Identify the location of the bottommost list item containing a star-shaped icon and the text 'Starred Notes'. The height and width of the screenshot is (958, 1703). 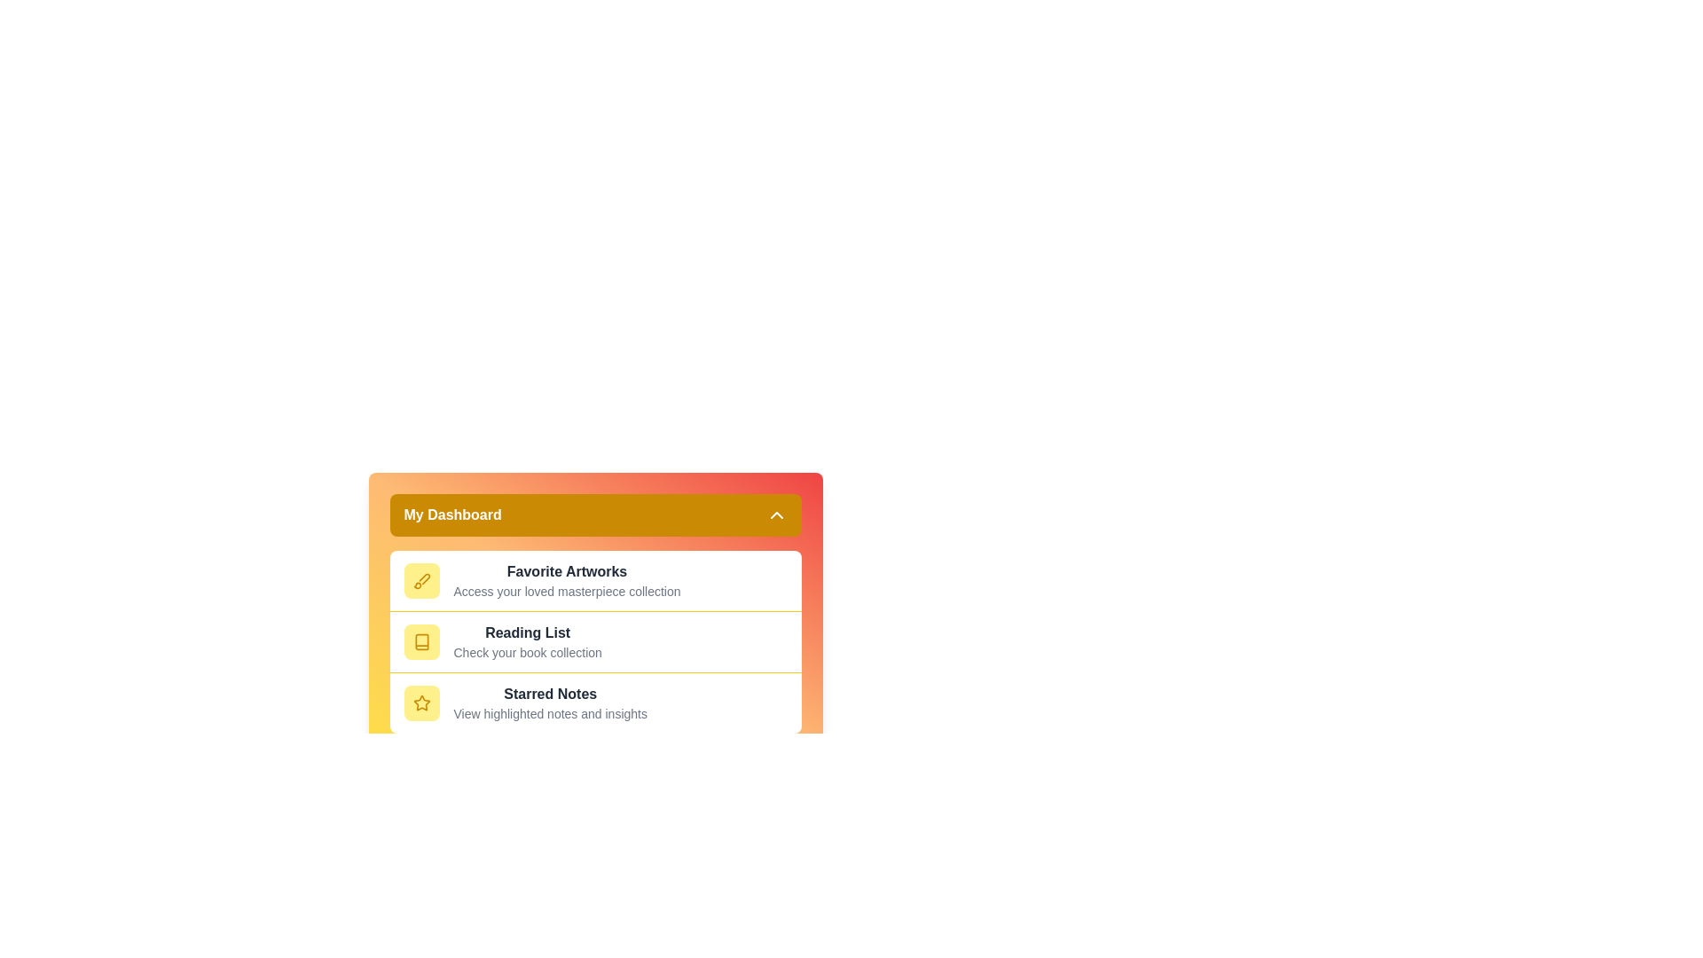
(595, 702).